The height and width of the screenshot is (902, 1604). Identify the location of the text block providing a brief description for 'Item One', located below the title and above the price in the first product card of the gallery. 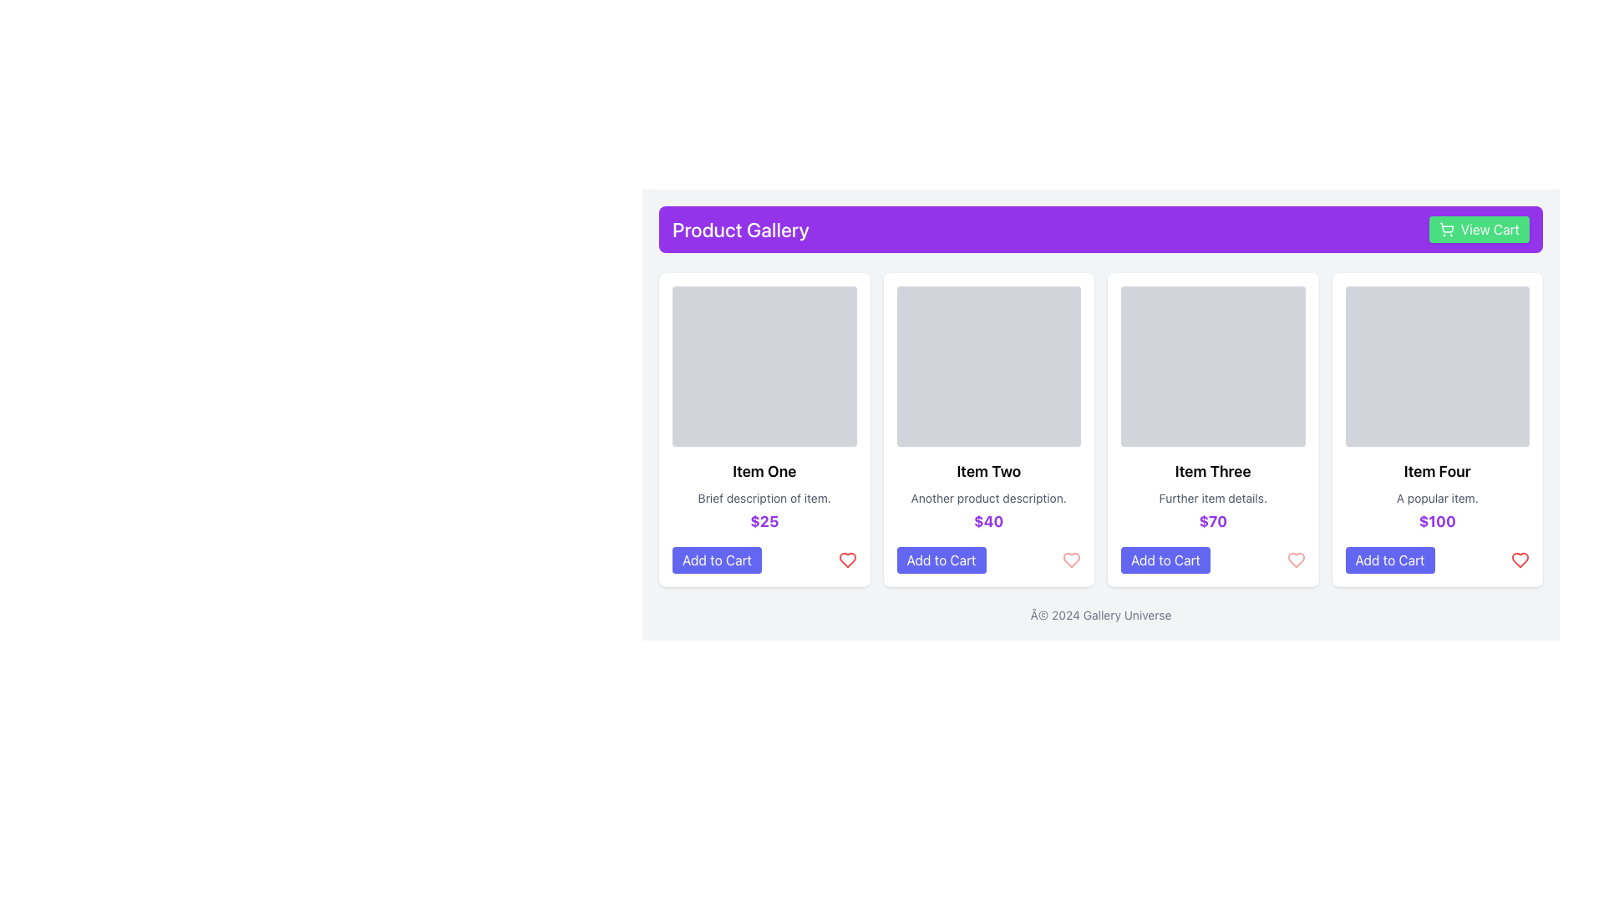
(764, 498).